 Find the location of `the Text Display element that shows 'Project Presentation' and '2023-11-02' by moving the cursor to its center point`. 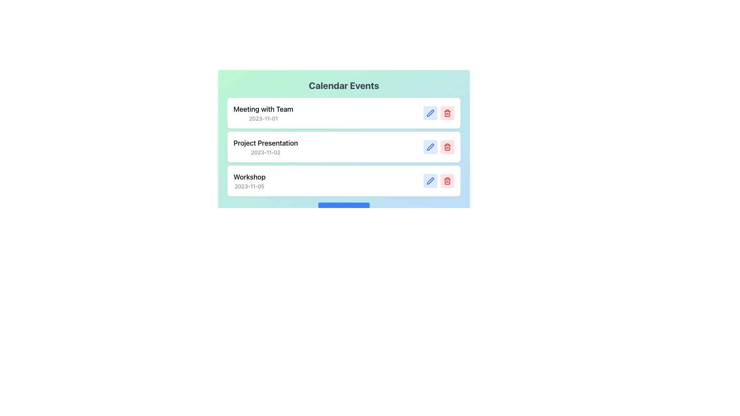

the Text Display element that shows 'Project Presentation' and '2023-11-02' by moving the cursor to its center point is located at coordinates (266, 147).